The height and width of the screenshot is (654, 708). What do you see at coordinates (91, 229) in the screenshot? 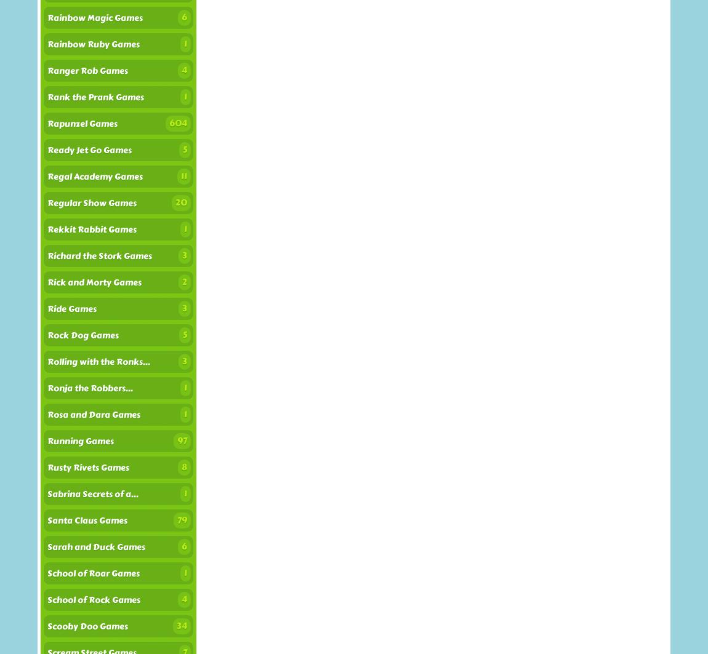
I see `'Rekkit Rabbit Games'` at bounding box center [91, 229].